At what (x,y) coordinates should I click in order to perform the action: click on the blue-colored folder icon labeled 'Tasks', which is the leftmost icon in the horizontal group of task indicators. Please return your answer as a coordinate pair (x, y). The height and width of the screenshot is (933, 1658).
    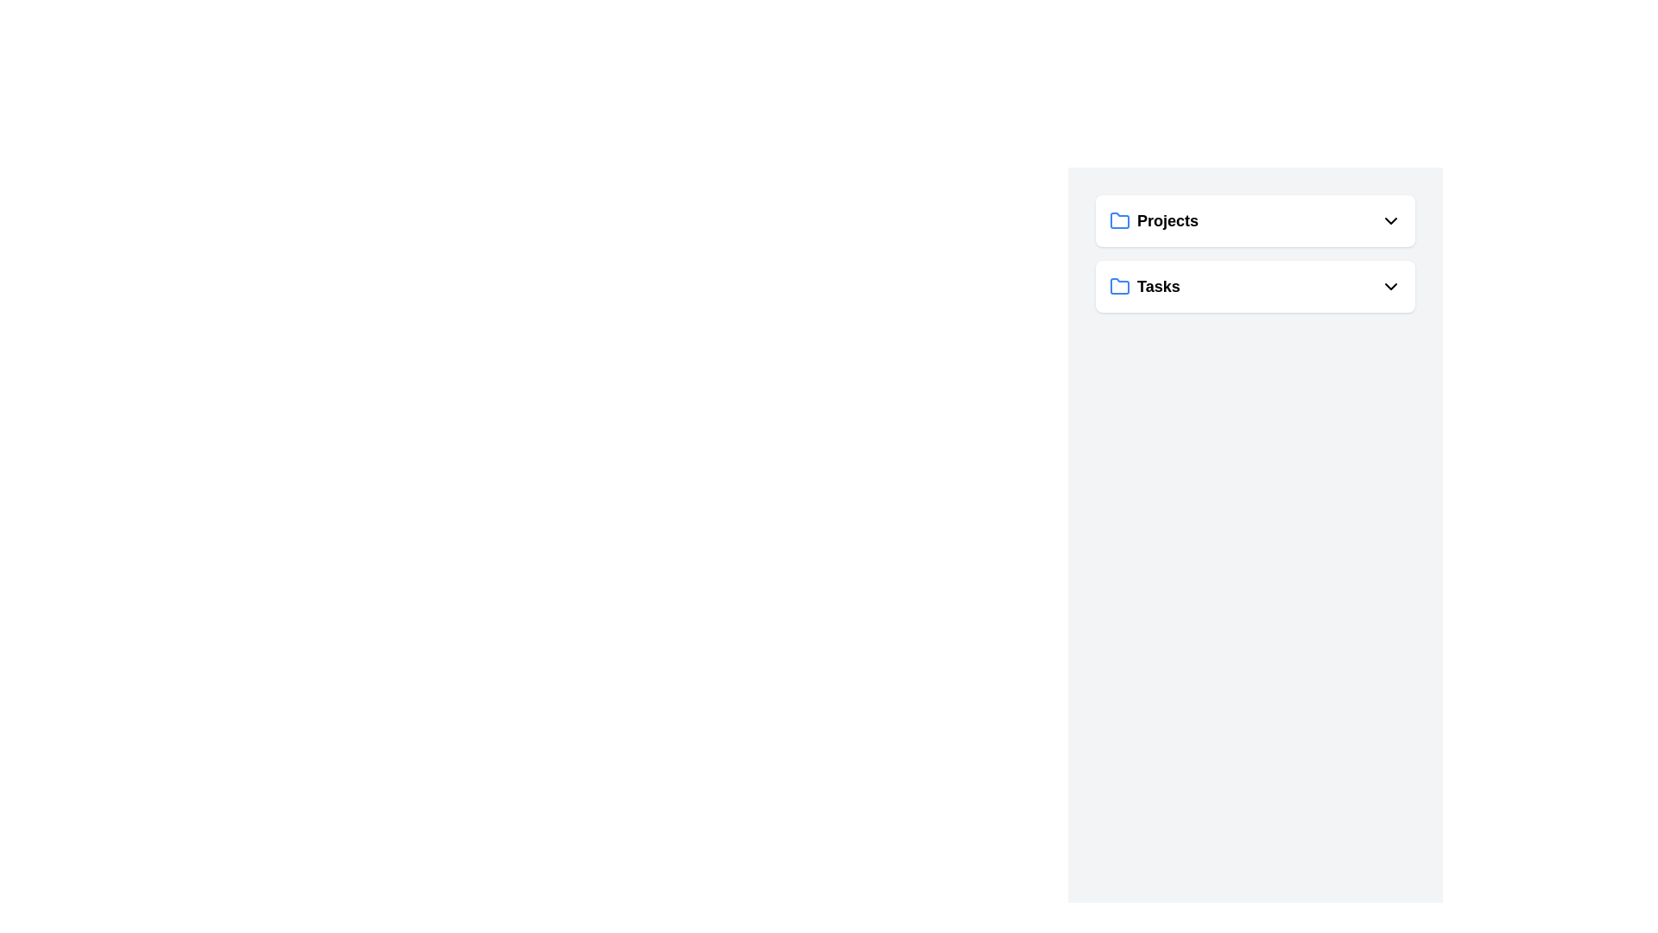
    Looking at the image, I should click on (1119, 285).